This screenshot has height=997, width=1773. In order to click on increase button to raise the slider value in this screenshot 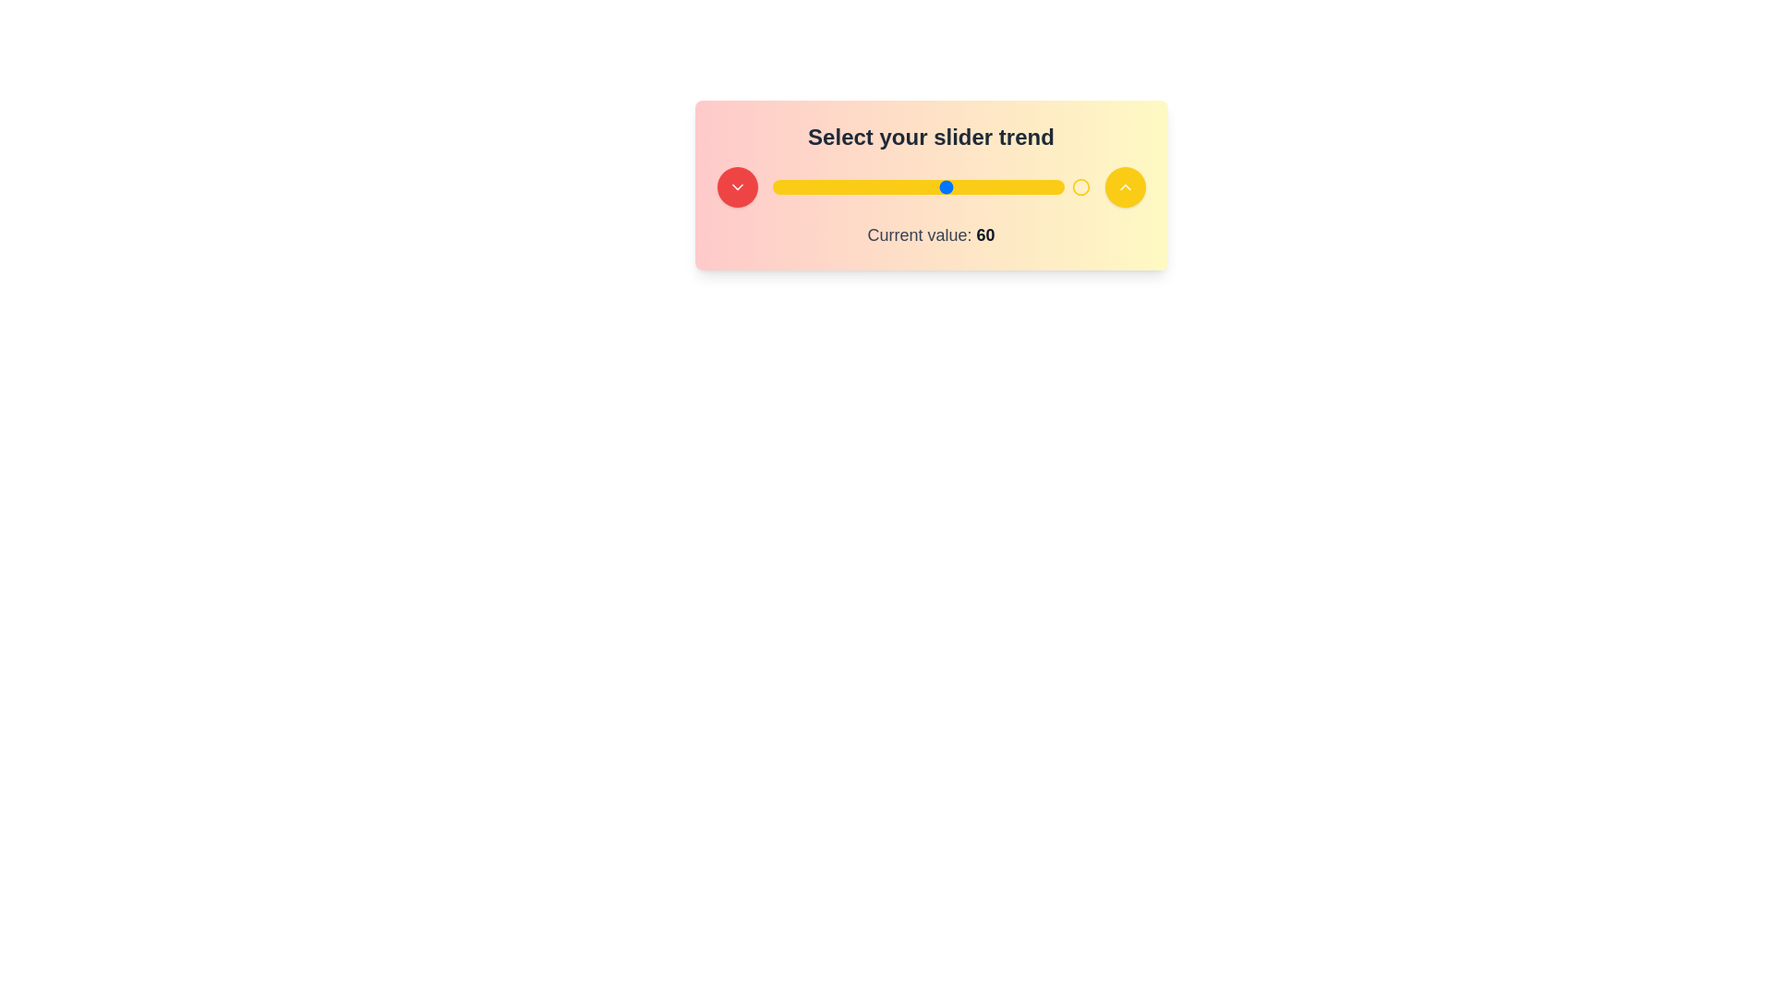, I will do `click(1124, 187)`.